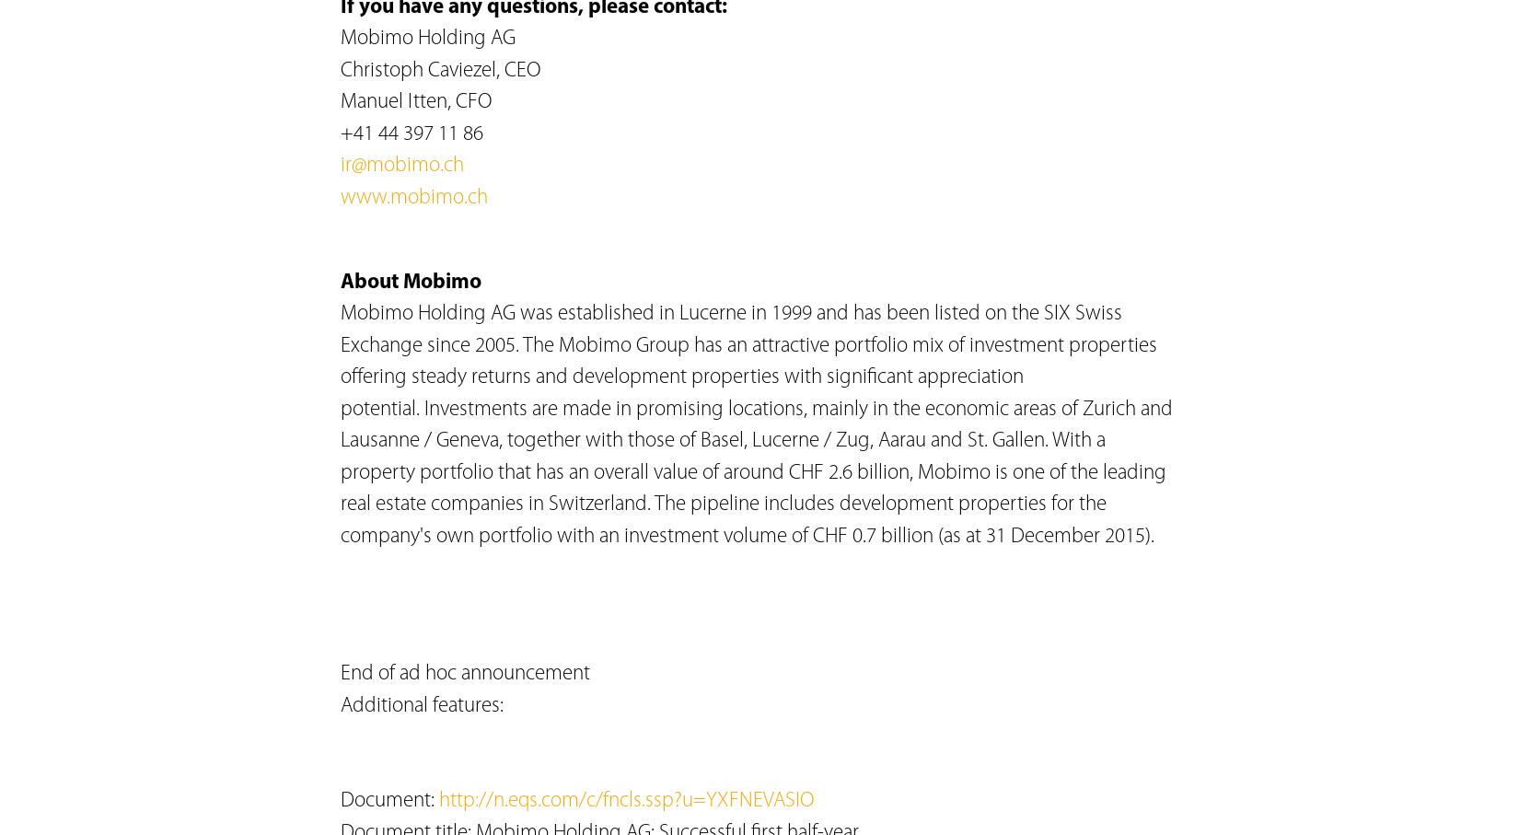  I want to click on 'Mobimo Holding AG was established in Lucerne in 1999 and has been listed on the SIX Swiss Exchange since 2005. The Mobimo Group has an attractive portfolio mix of investment properties offering steady returns and development properties with significant appreciation', so click(748, 346).